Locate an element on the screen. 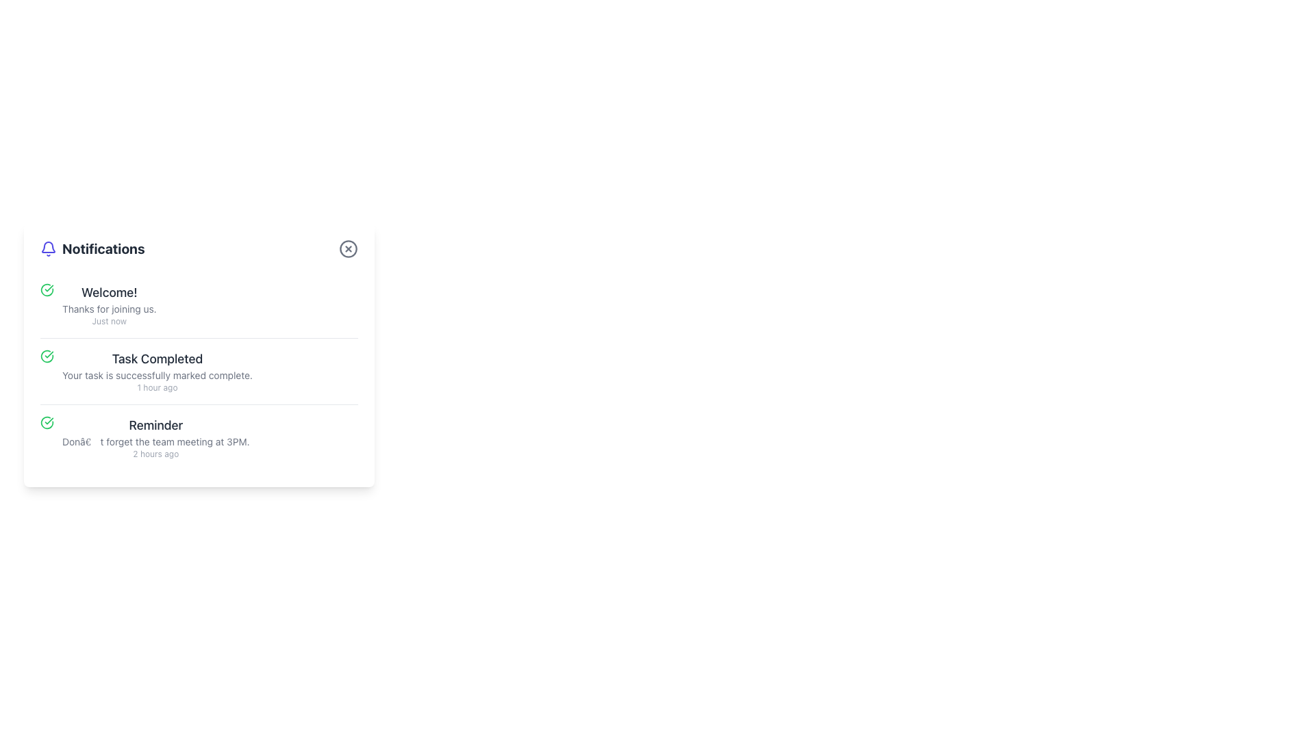 The height and width of the screenshot is (739, 1315). feedback message provided by the Text Label located beneath the 'Task Completed' heading and above the timestamp '1 hour ago.' is located at coordinates (158, 375).